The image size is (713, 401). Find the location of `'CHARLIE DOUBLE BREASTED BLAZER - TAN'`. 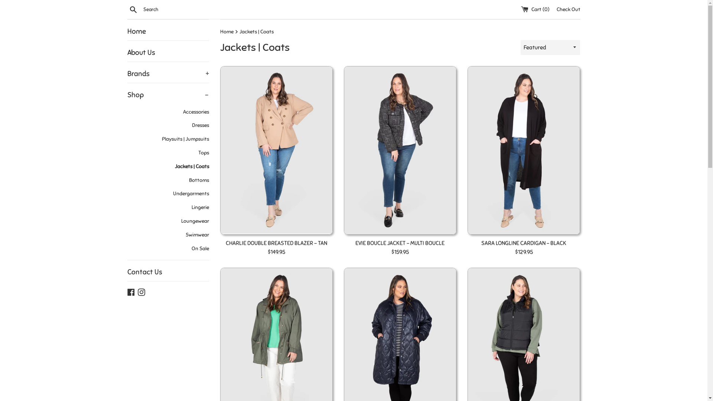

'CHARLIE DOUBLE BREASTED BLAZER - TAN' is located at coordinates (276, 243).